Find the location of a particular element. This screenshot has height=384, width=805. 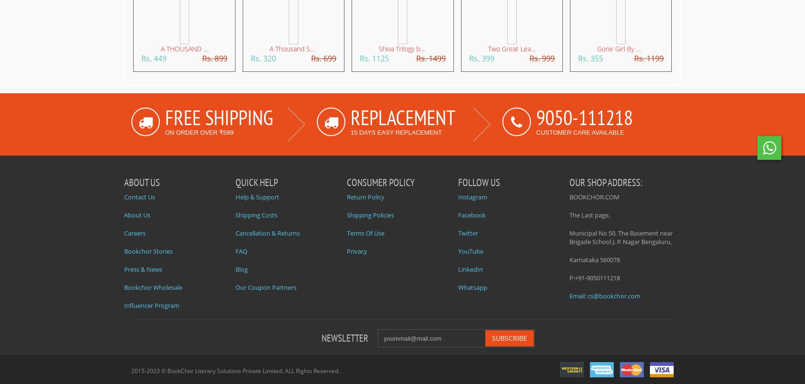

'CONSUMER POLICY' is located at coordinates (381, 182).